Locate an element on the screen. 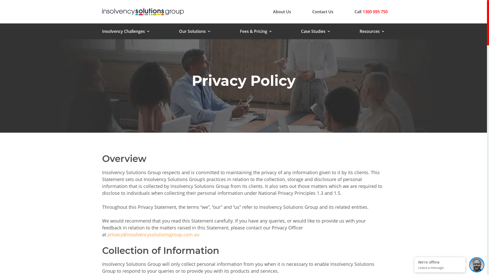  'Case Studies' is located at coordinates (315, 32).